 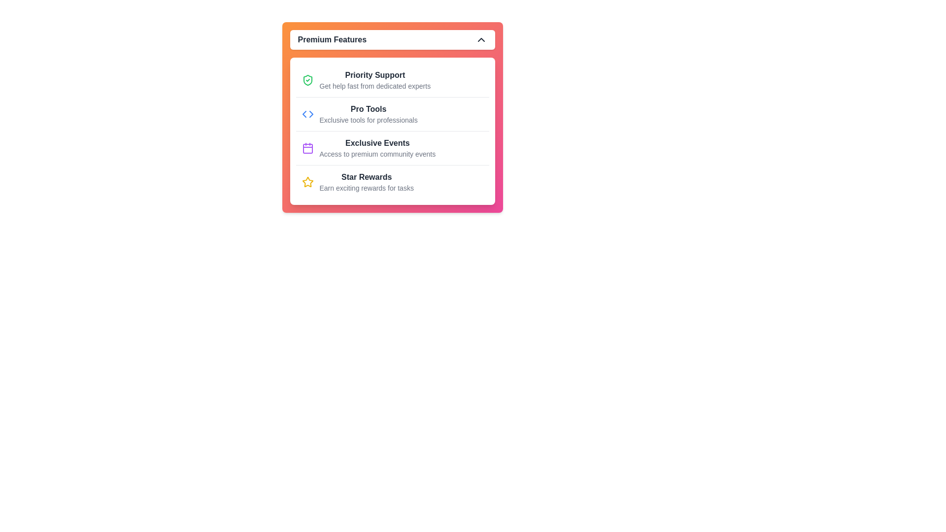 What do you see at coordinates (392, 113) in the screenshot?
I see `the second list item in the 'Premium Features' card, which is positioned below 'Priority Support' and above 'Exclusive Events'` at bounding box center [392, 113].